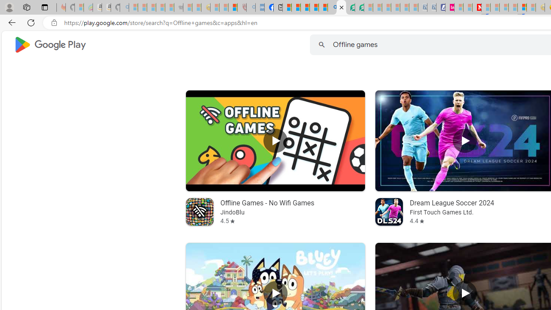 The image size is (551, 310). I want to click on 'Terms of Use Agreement', so click(350, 7).